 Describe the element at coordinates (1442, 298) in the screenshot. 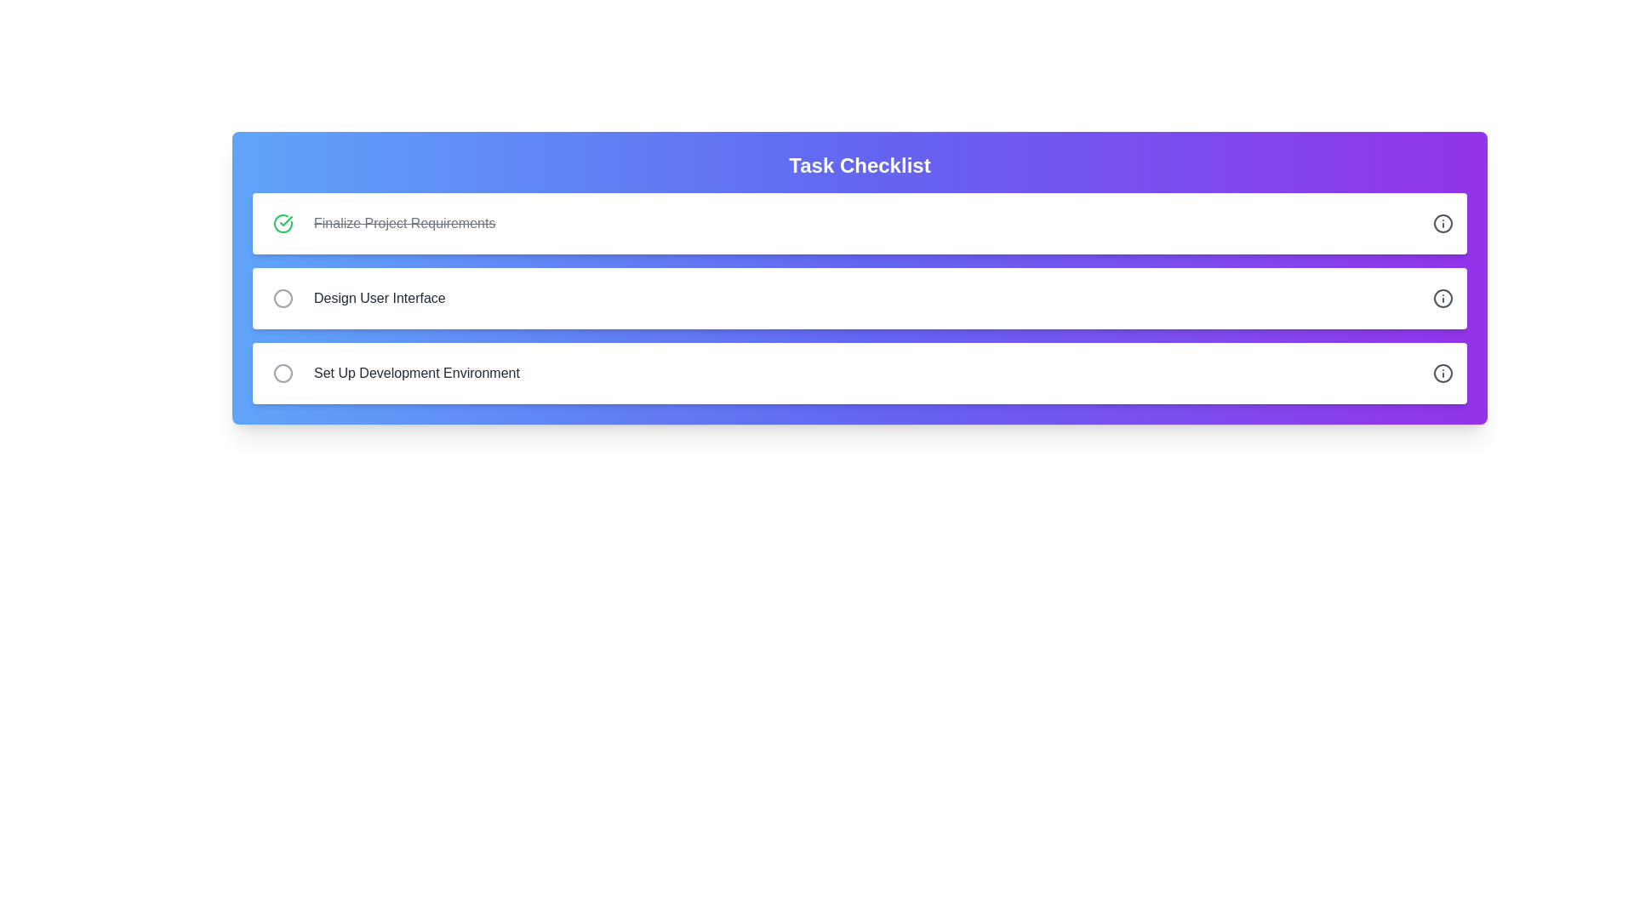

I see `the information icon for the task titled 'Design User Interface'` at that location.